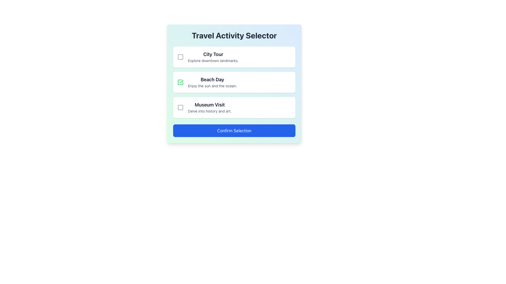 This screenshot has height=284, width=506. I want to click on the bold and large heading text element reading 'Travel Activity Selector', which is centrally aligned and serves as the header for the activity options list, so click(234, 35).